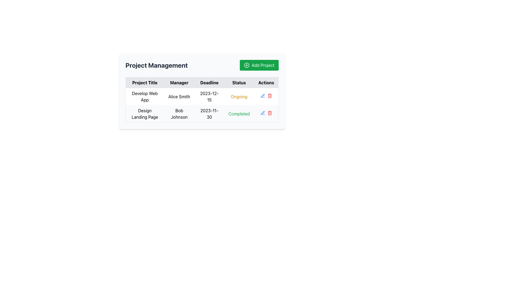  What do you see at coordinates (263, 96) in the screenshot?
I see `the pen icon button in the 'Actions' column of the second row of the project management table` at bounding box center [263, 96].